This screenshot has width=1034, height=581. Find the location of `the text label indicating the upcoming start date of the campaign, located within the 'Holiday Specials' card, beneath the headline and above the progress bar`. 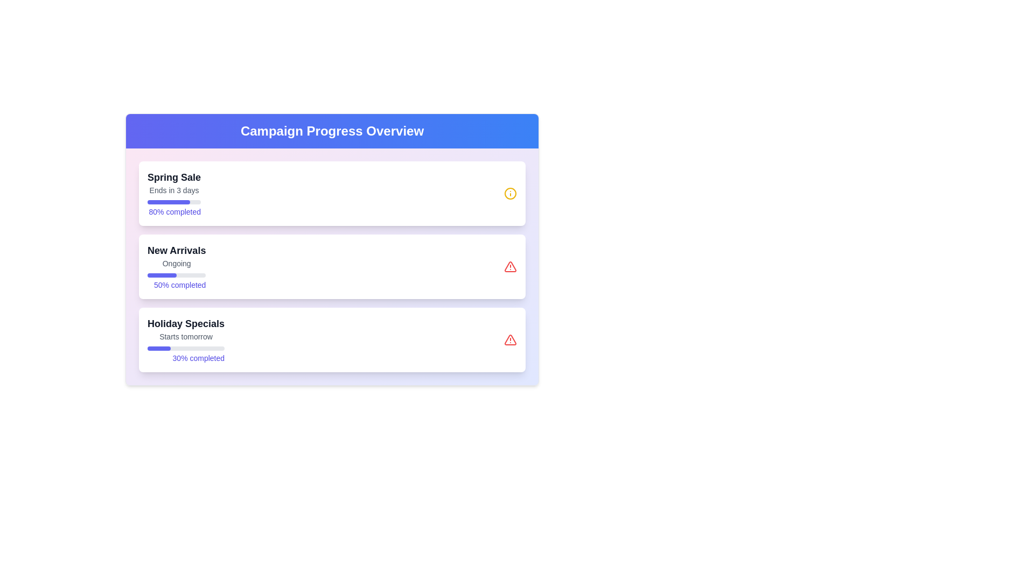

the text label indicating the upcoming start date of the campaign, located within the 'Holiday Specials' card, beneath the headline and above the progress bar is located at coordinates (186, 336).